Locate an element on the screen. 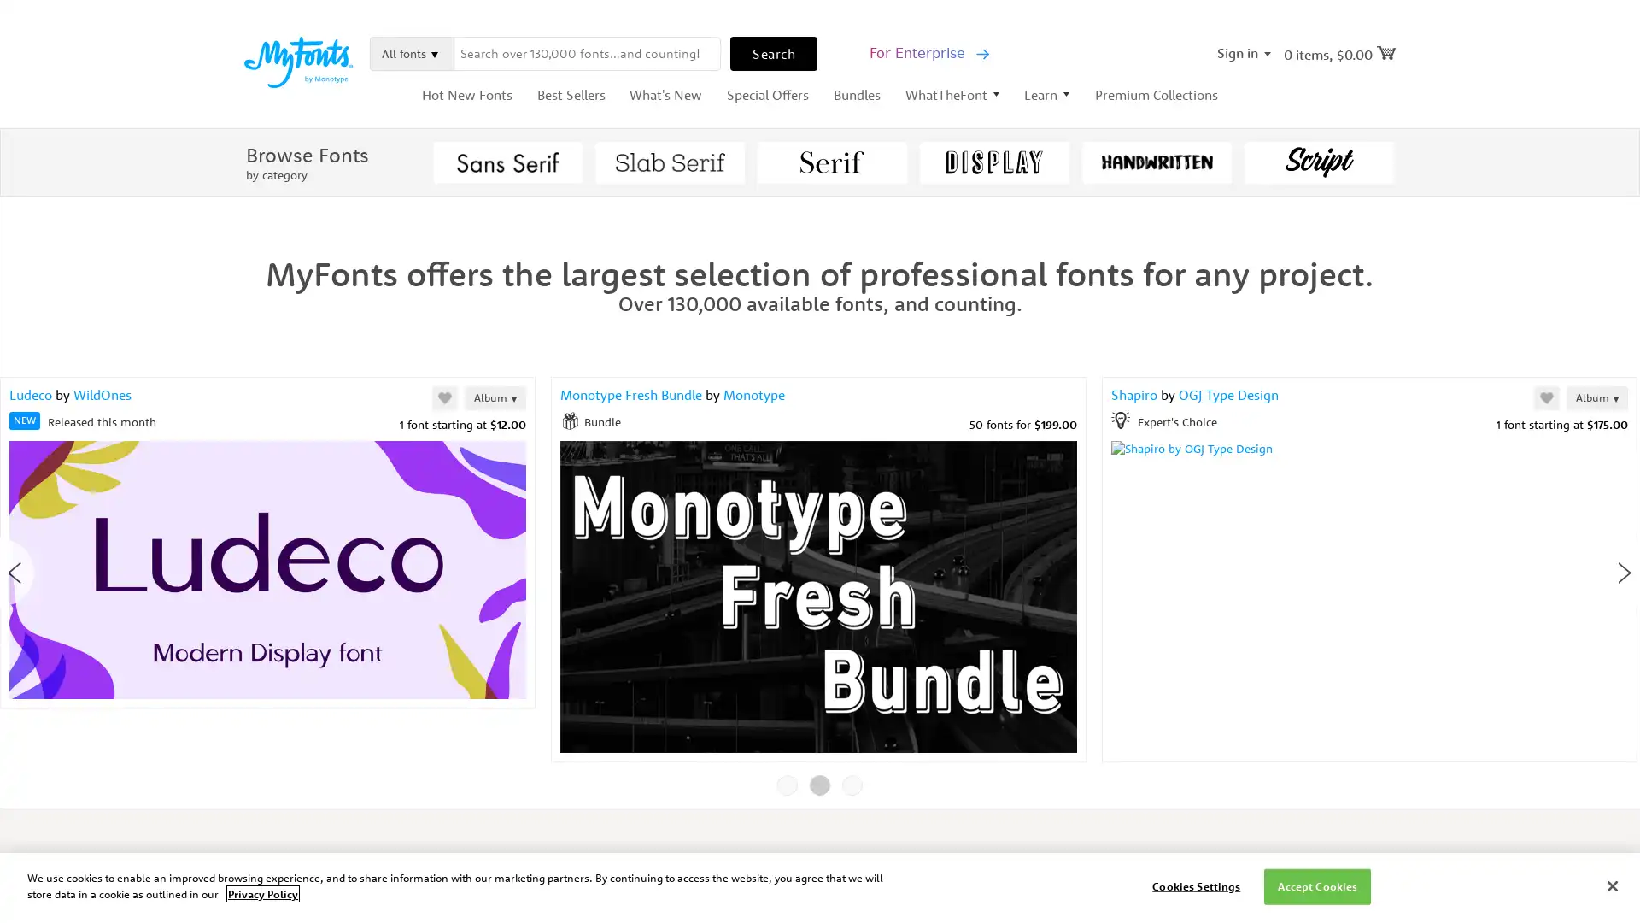 The height and width of the screenshot is (923, 1640). Submit is located at coordinates (974, 418).